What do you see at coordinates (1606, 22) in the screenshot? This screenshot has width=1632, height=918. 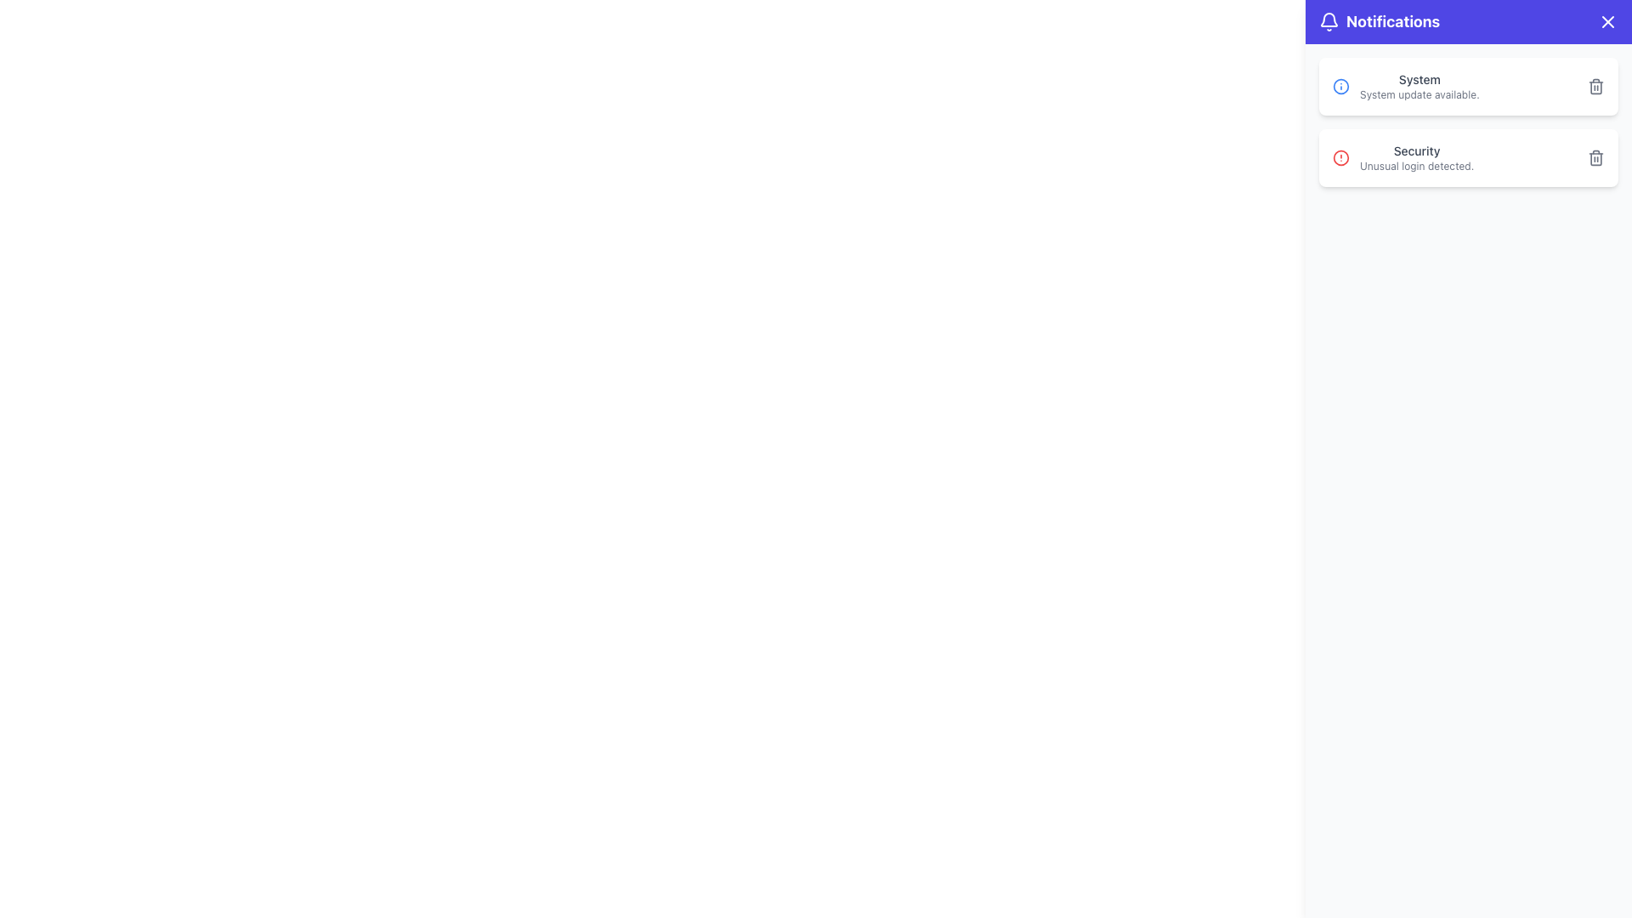 I see `the Icon button` at bounding box center [1606, 22].